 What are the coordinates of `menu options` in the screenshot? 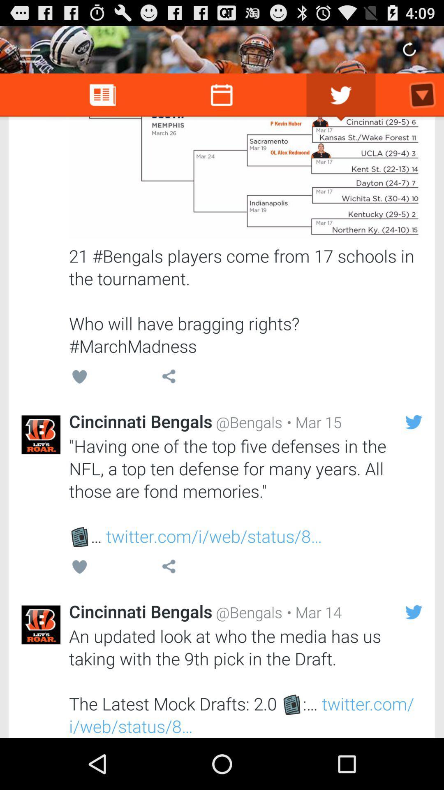 It's located at (30, 52).